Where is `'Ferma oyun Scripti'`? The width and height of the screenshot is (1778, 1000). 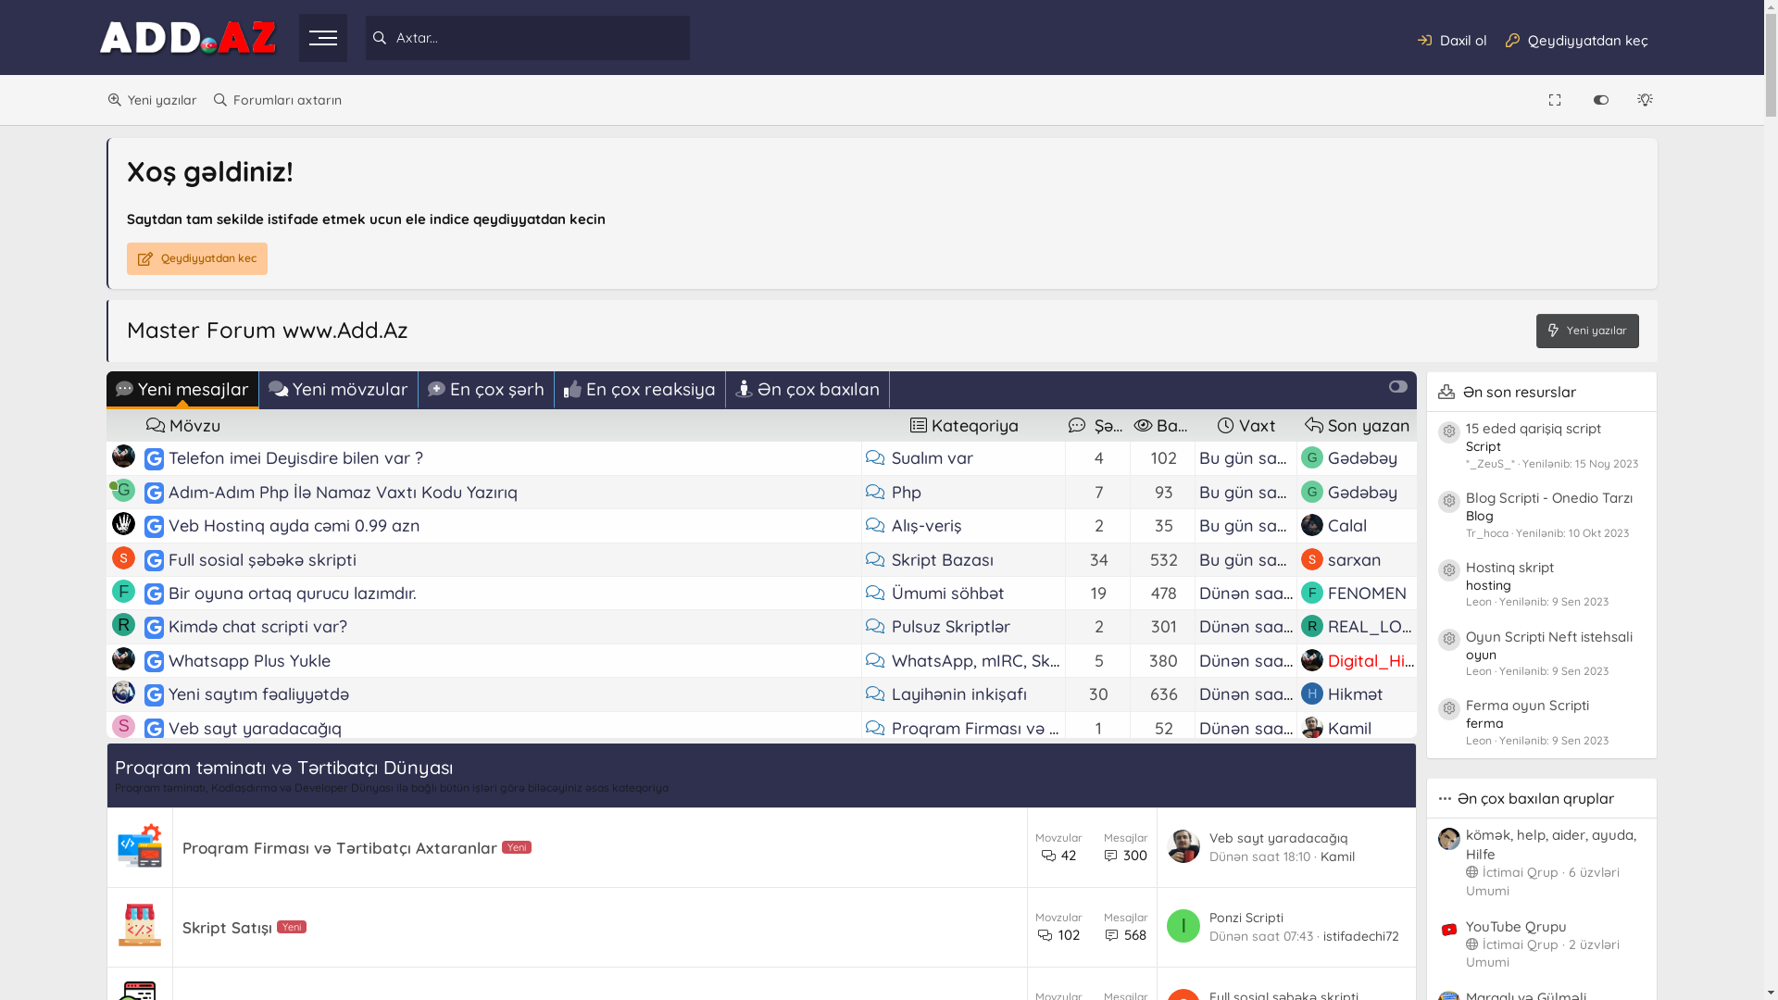
'Ferma oyun Scripti' is located at coordinates (1465, 705).